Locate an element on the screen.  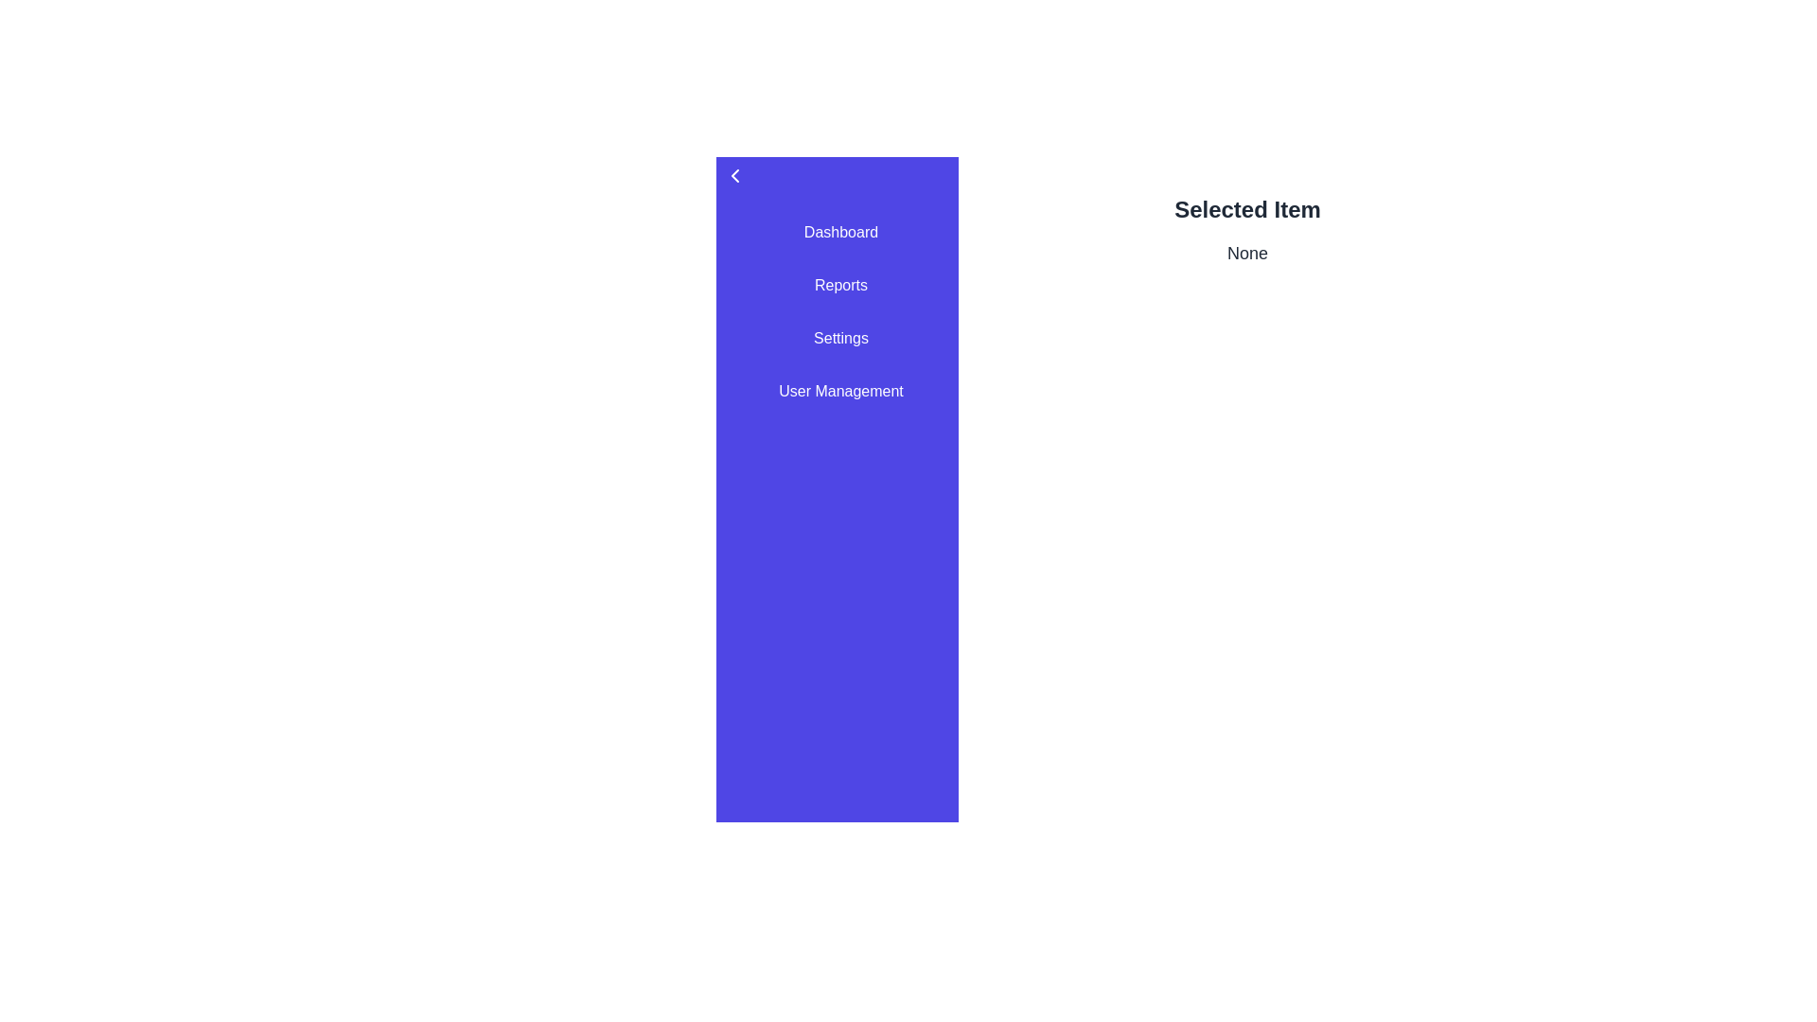
the 'Reports' menu item located in the center of the left-side navigation menu, positioned between 'Dashboard' and 'Settings' is located at coordinates (839, 284).